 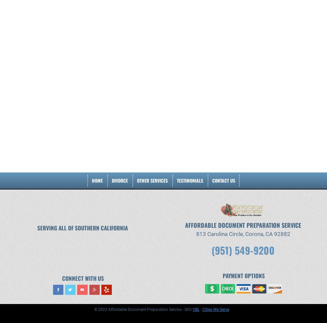 I want to click on '813 Carolina Circle, Corona, CA 92882', so click(x=243, y=233).